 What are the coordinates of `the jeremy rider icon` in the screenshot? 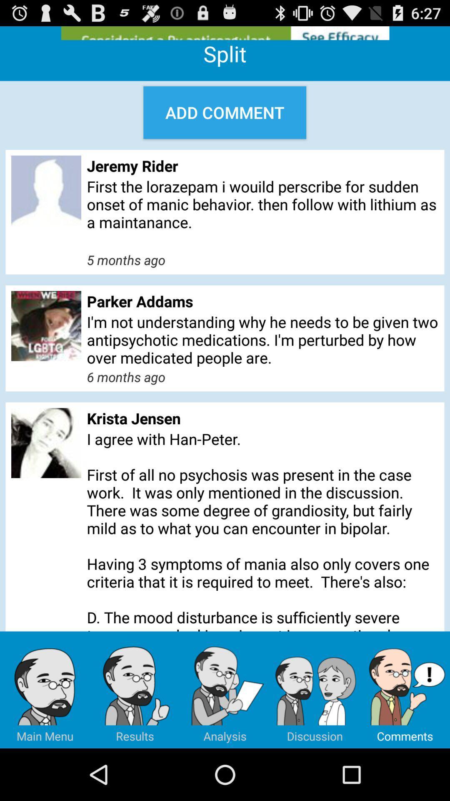 It's located at (262, 166).